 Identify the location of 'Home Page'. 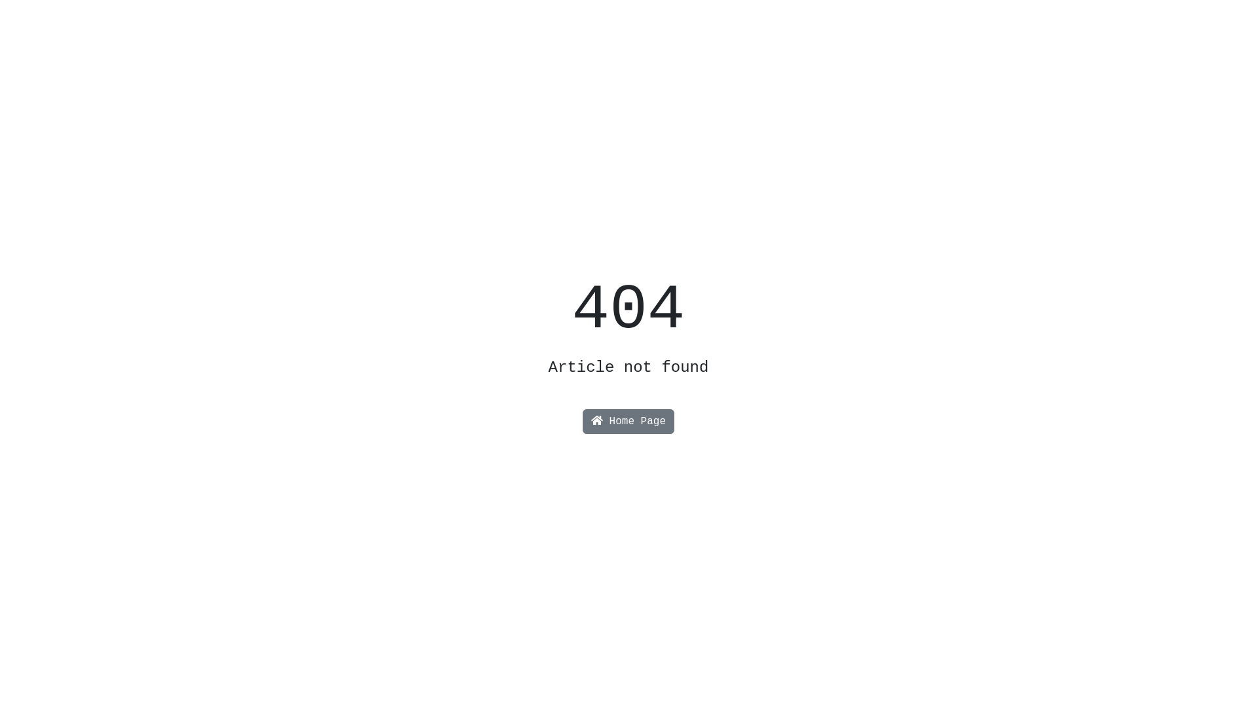
(628, 422).